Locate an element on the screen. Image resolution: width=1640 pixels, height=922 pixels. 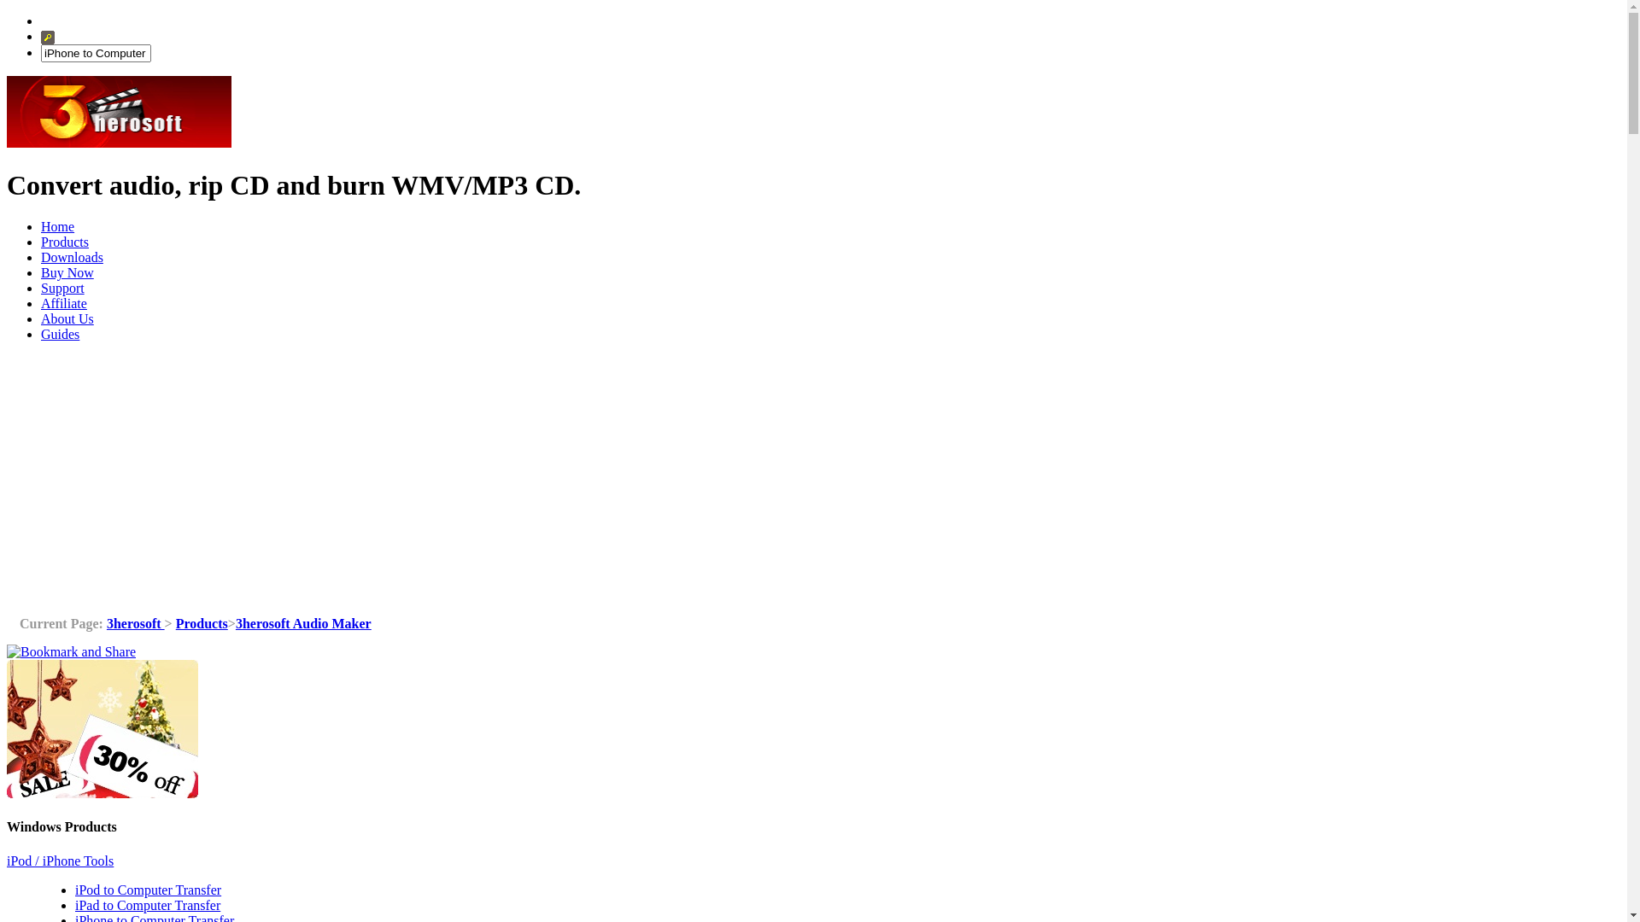
'Go' is located at coordinates (48, 37).